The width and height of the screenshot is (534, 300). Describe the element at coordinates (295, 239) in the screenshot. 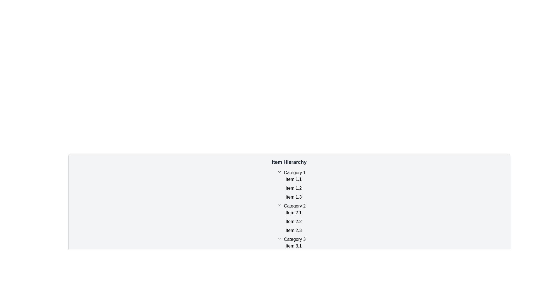

I see `the Static Text element that identifies the third category ('Category 3') in the hierarchical list under 'Item Hierarchy'` at that location.